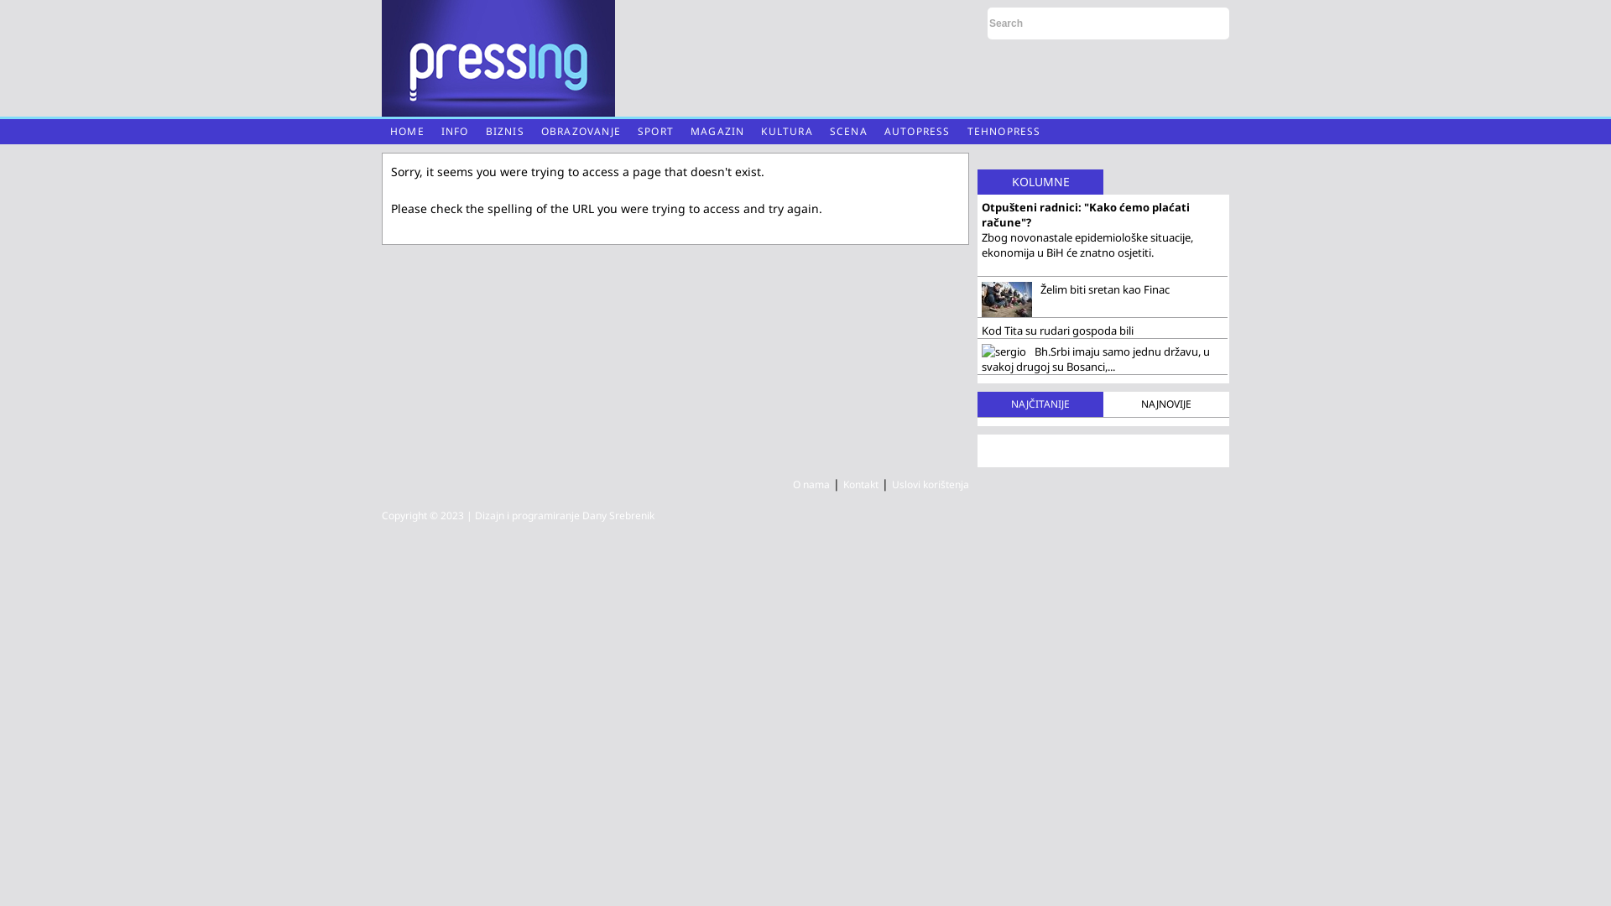 Image resolution: width=1611 pixels, height=906 pixels. I want to click on 'Go', so click(1211, 23).